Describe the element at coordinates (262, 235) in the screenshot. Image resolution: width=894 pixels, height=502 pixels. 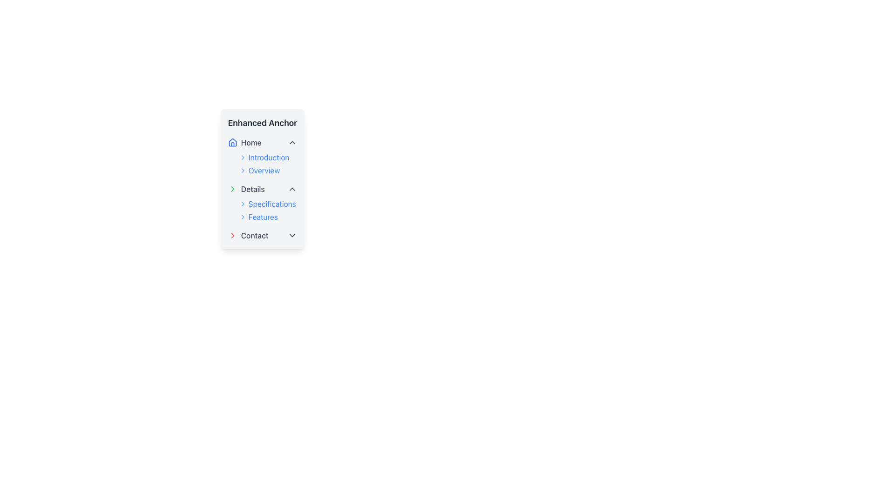
I see `the 'Contact' entry in the vertical navigation menu, which is positioned below the 'Features' entry and serves as a link to the 'Contact' section` at that location.